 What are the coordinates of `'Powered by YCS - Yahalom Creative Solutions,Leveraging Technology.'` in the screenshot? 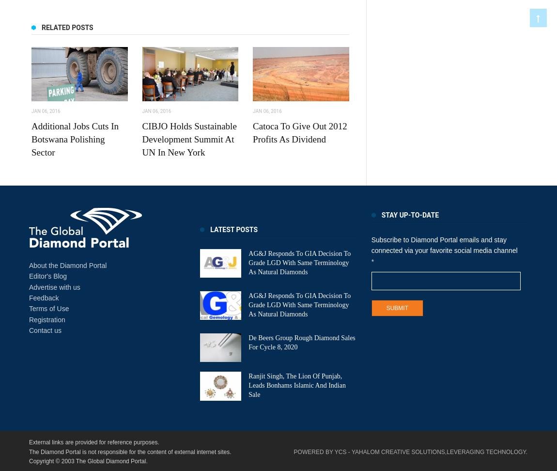 It's located at (410, 451).